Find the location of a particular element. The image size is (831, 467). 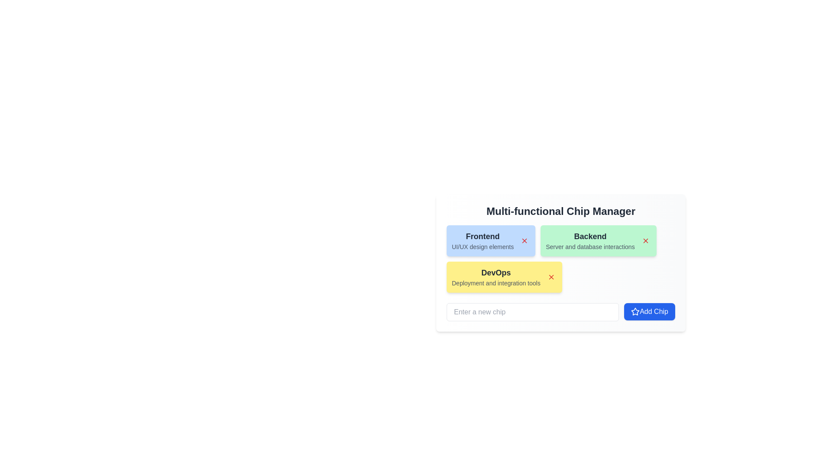

the delete button located on the right edge of the 'Backend' chip in the Multi-functional Chip Manager interface is located at coordinates (645, 240).